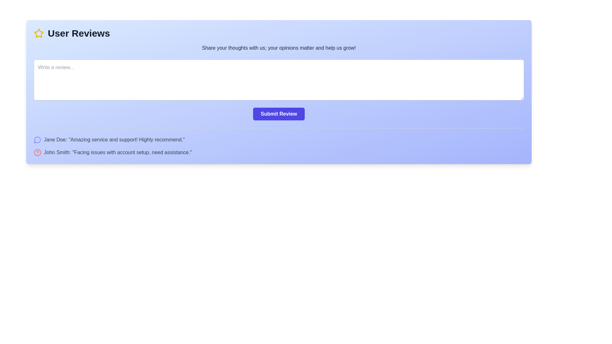  I want to click on the 'Submit Review' button with a purple background, so click(279, 114).